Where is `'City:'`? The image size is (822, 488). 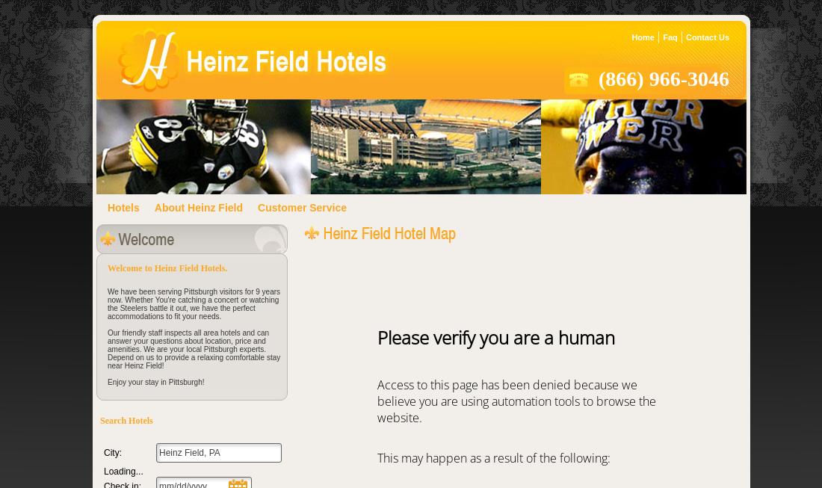 'City:' is located at coordinates (103, 451).